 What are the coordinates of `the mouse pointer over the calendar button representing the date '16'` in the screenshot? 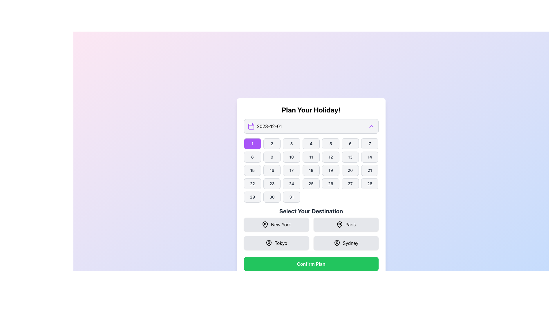 It's located at (272, 170).